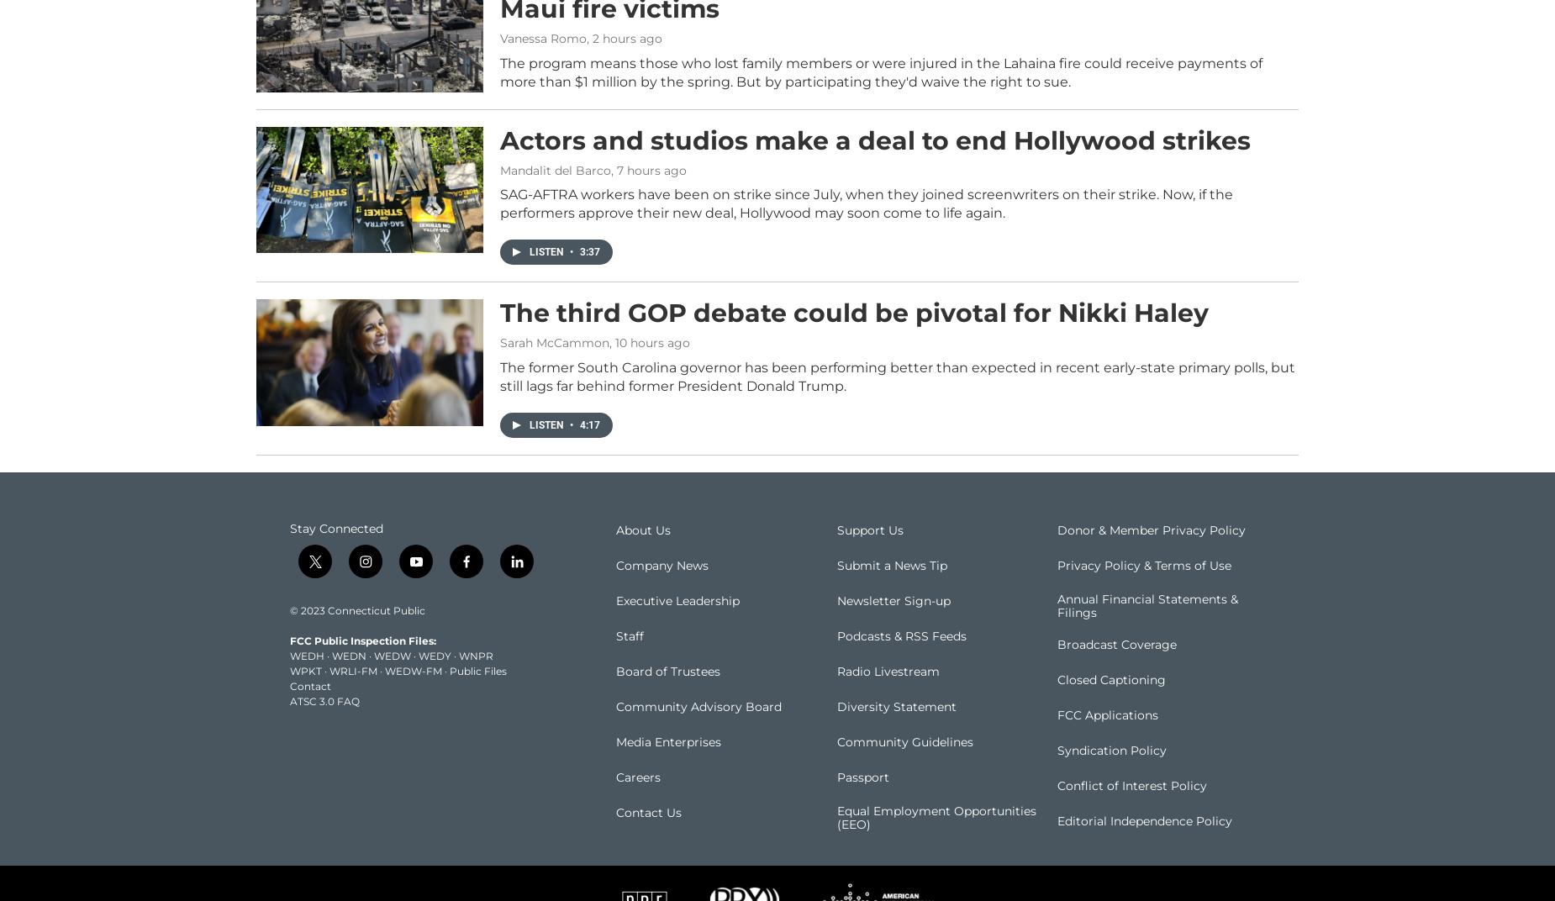 The image size is (1555, 901). I want to click on 'Submit a News Tip', so click(835, 589).